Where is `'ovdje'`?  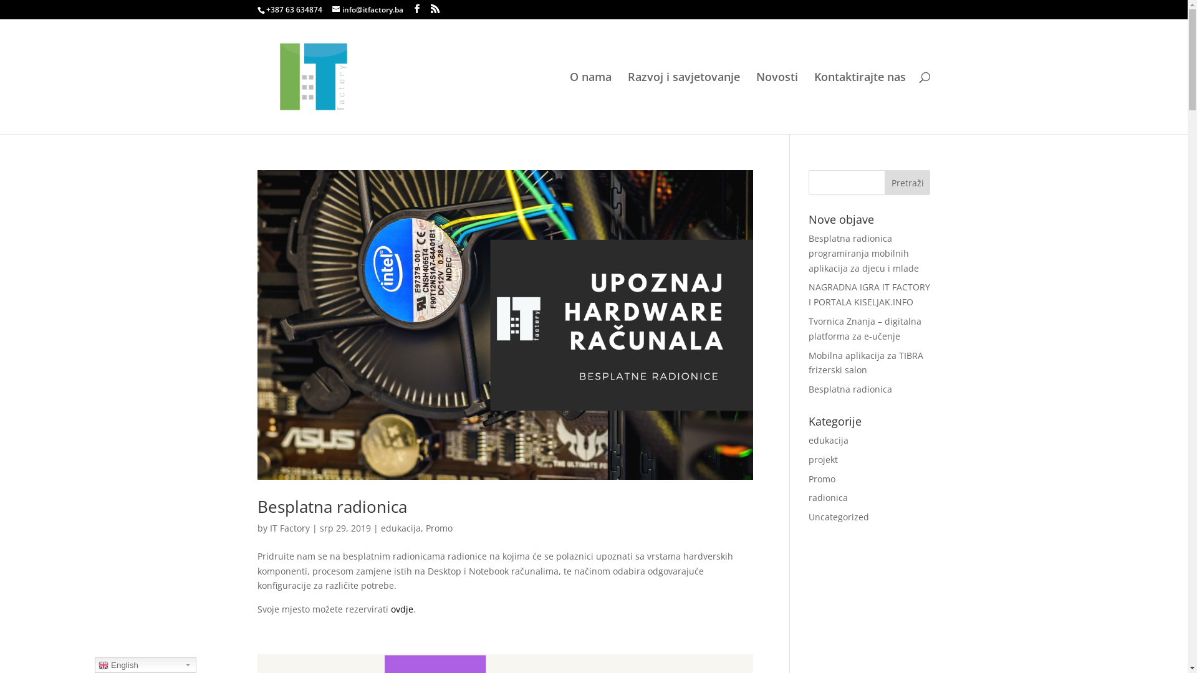
'ovdje' is located at coordinates (401, 608).